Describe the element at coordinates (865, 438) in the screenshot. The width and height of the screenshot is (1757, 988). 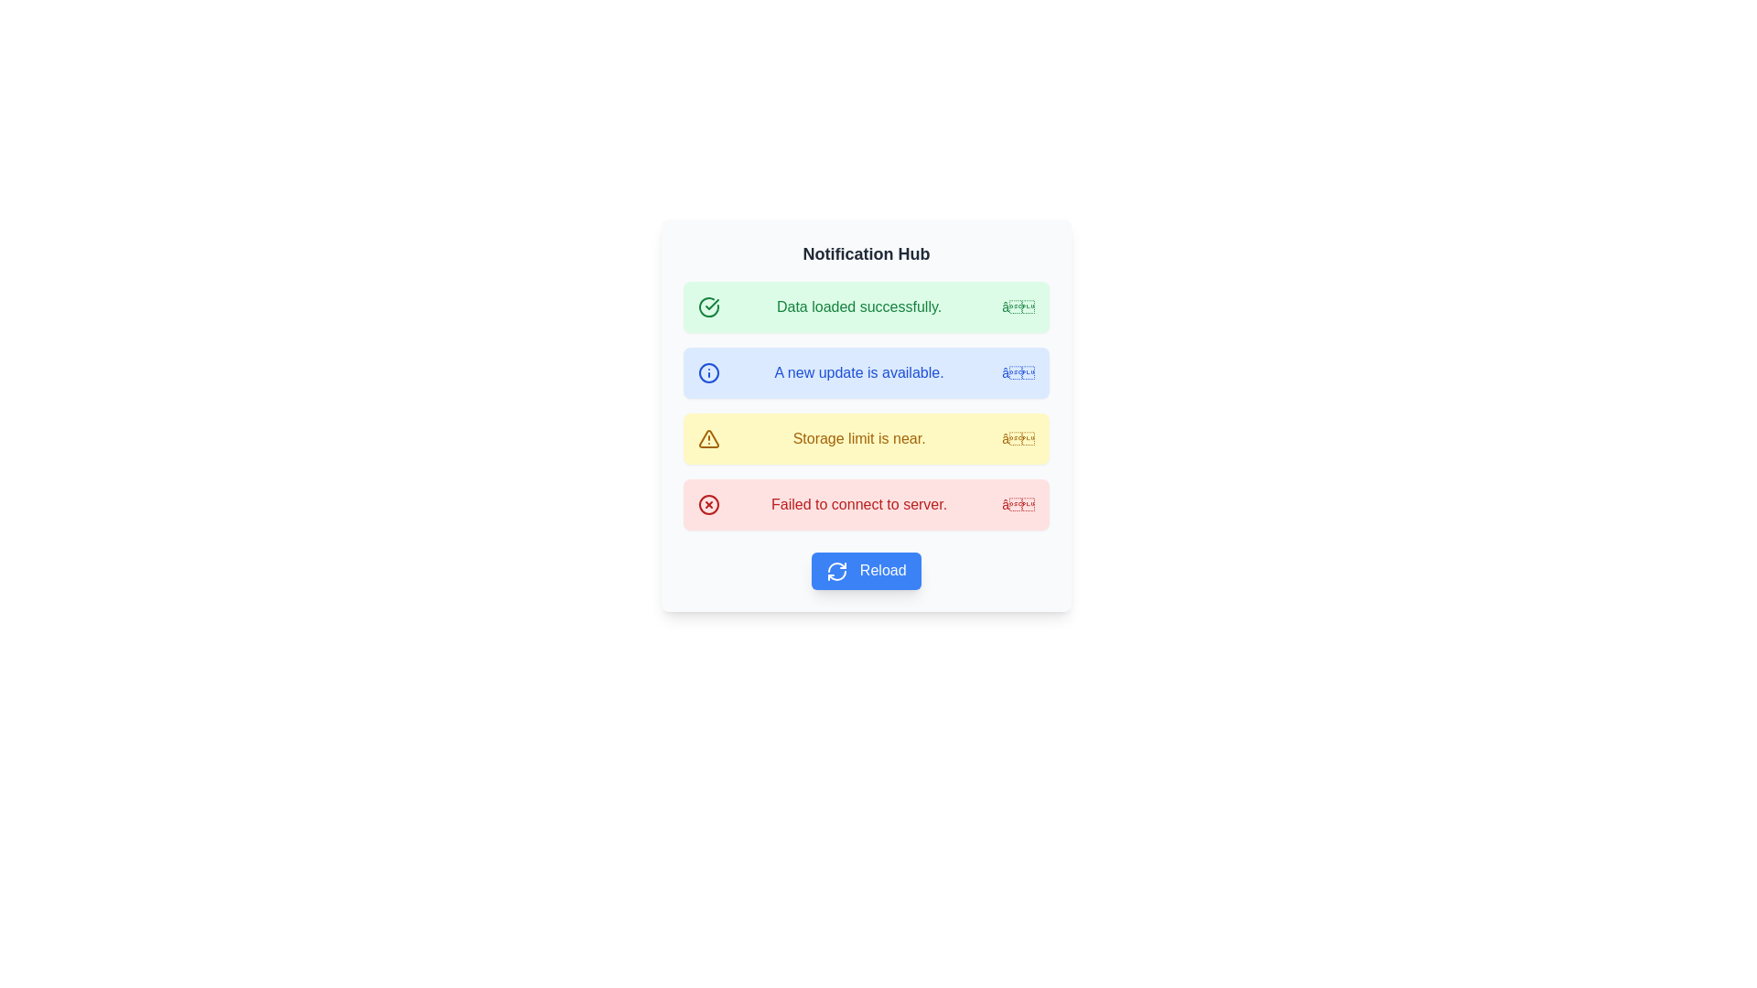
I see `the warning notification regarding storage limit, which is the third notification in the list` at that location.